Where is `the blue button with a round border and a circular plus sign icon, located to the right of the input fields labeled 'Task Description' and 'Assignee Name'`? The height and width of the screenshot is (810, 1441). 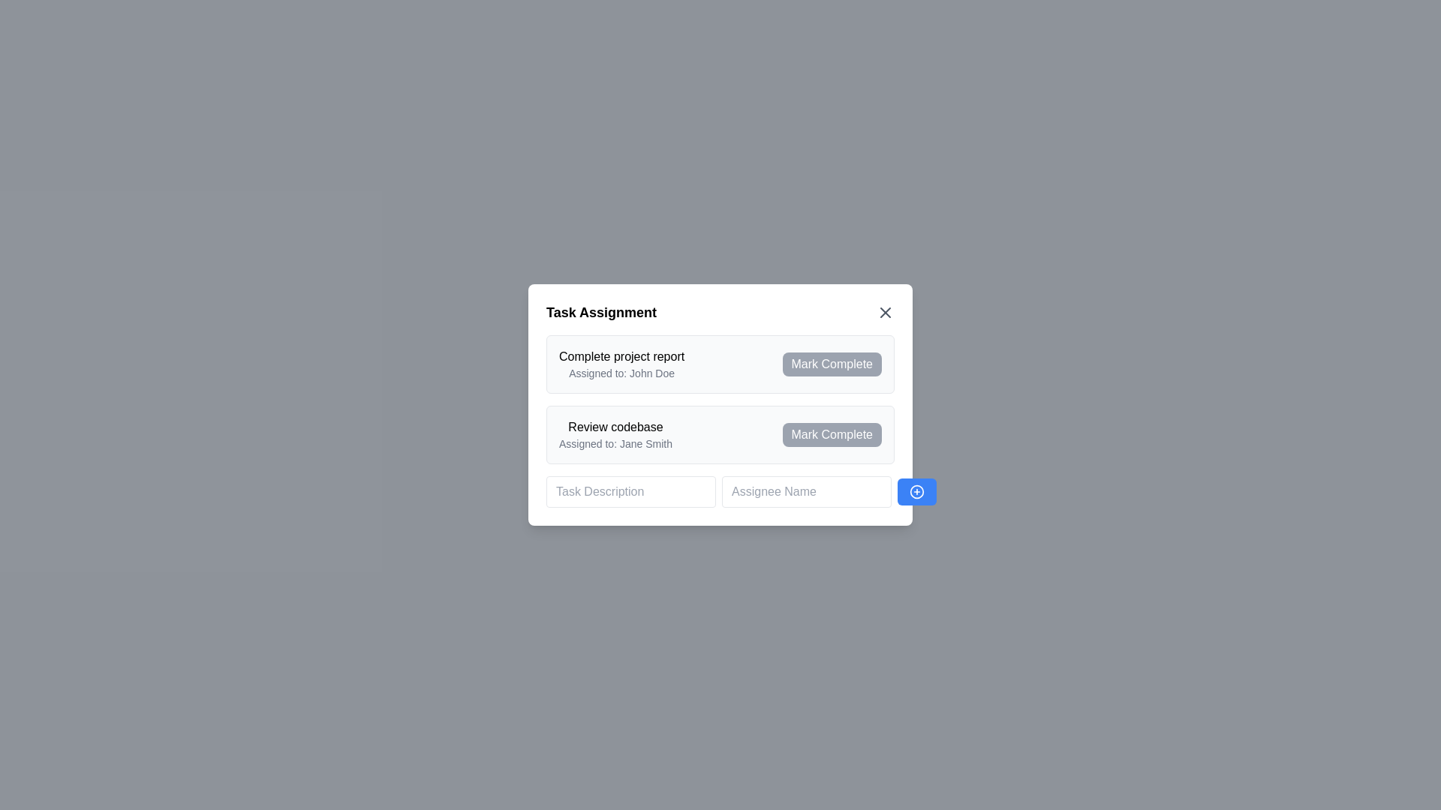 the blue button with a round border and a circular plus sign icon, located to the right of the input fields labeled 'Task Description' and 'Assignee Name' is located at coordinates (916, 491).